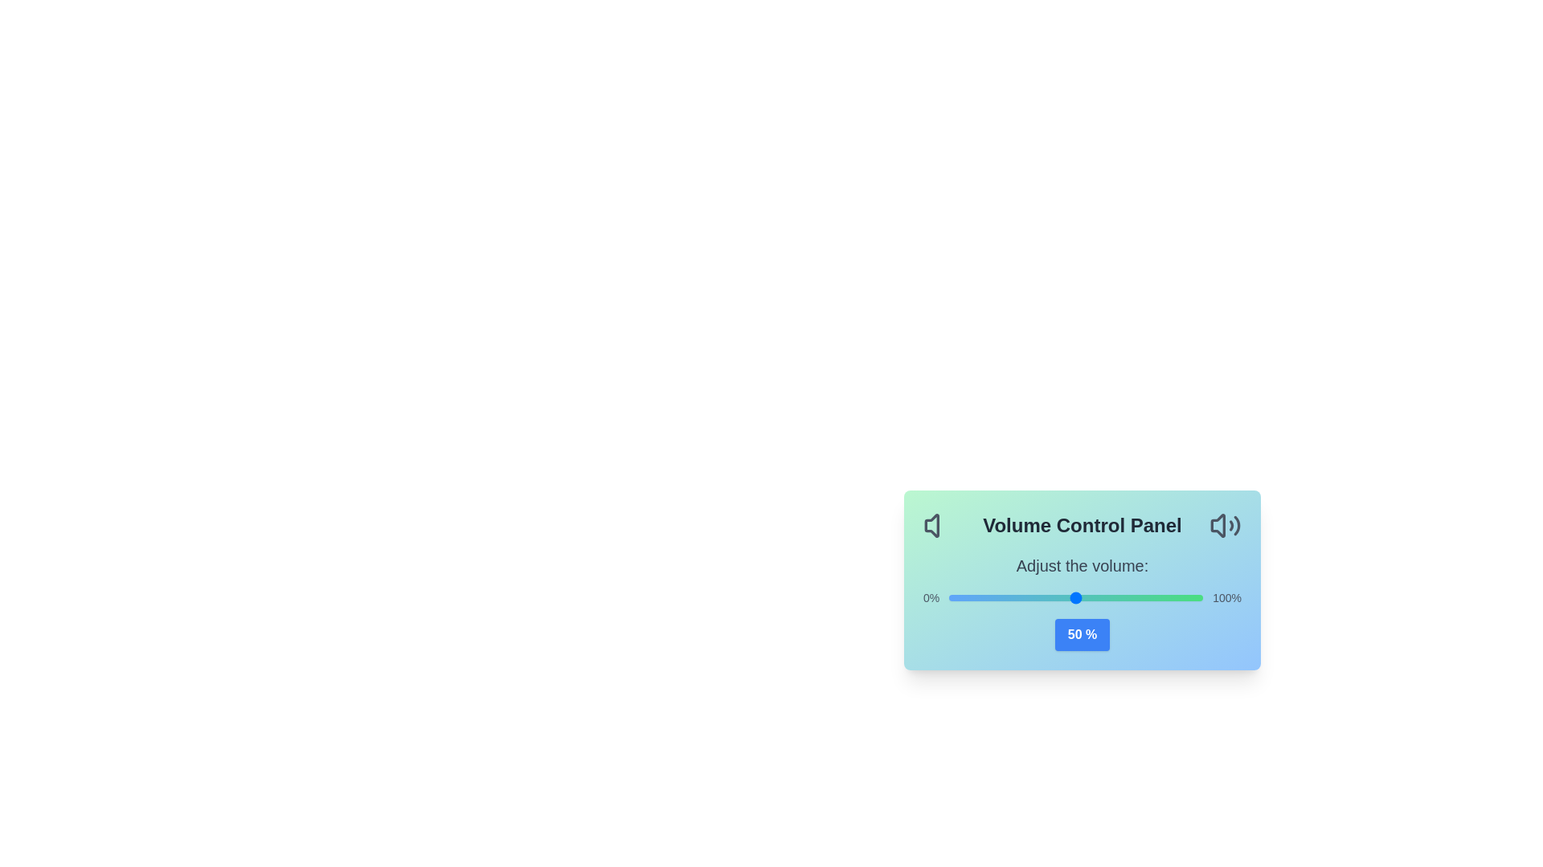  Describe the element at coordinates (1083, 565) in the screenshot. I see `the text 'Adjust the volume:' surrounding the AudioVolumeControl component` at that location.